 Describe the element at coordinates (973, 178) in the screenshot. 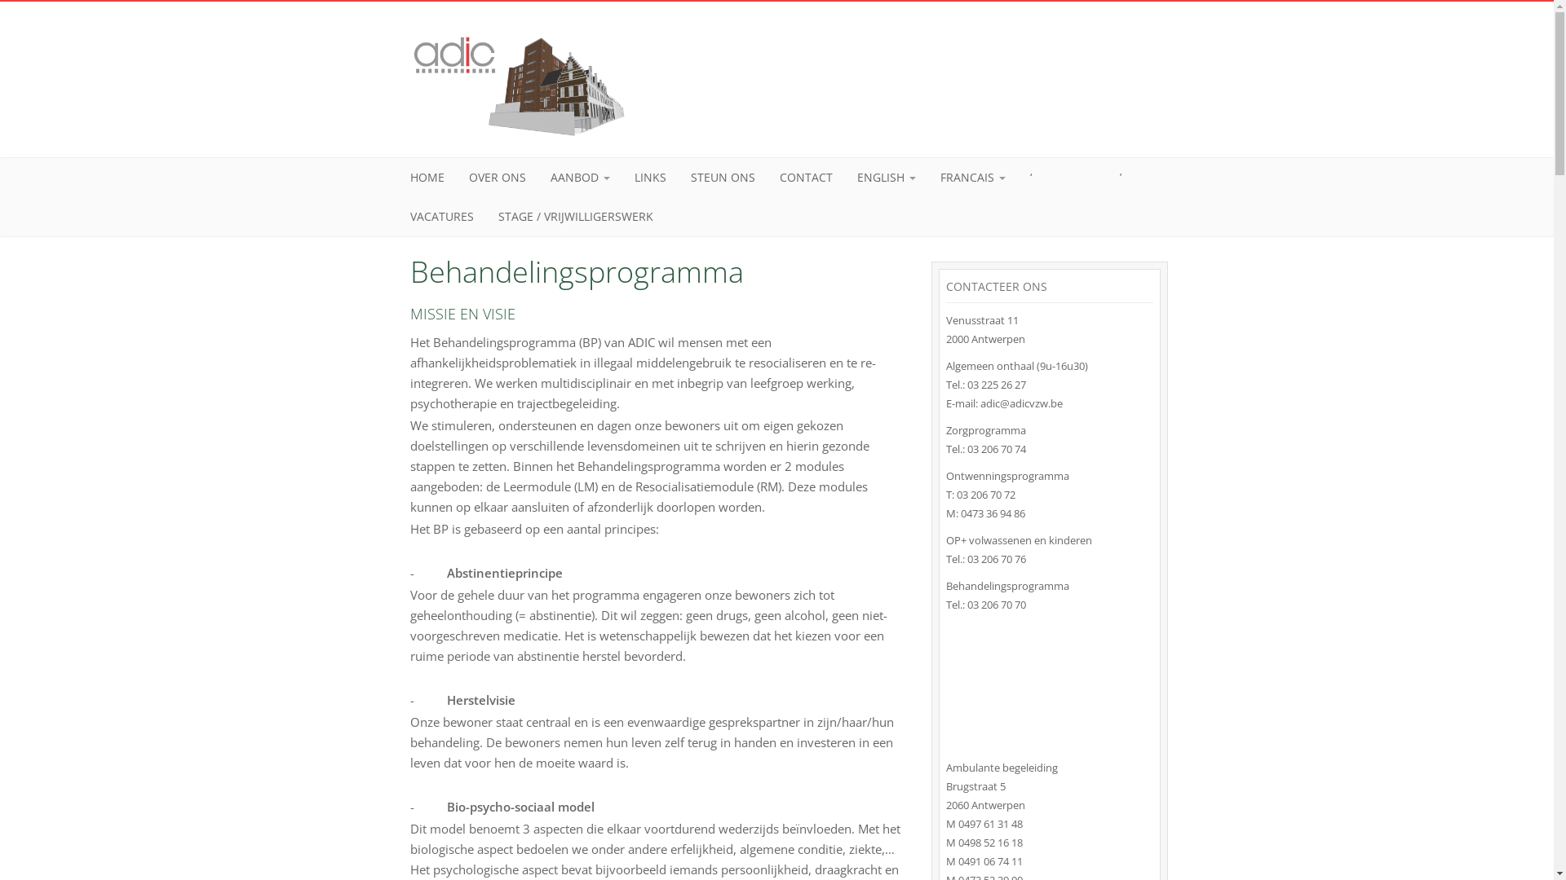

I see `'FRANCAIS'` at that location.